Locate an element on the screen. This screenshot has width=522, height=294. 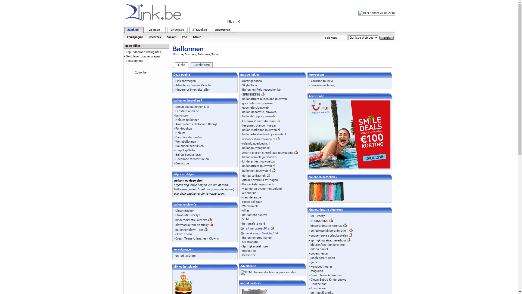
'DreamTeam Animaties' is located at coordinates (326, 275).